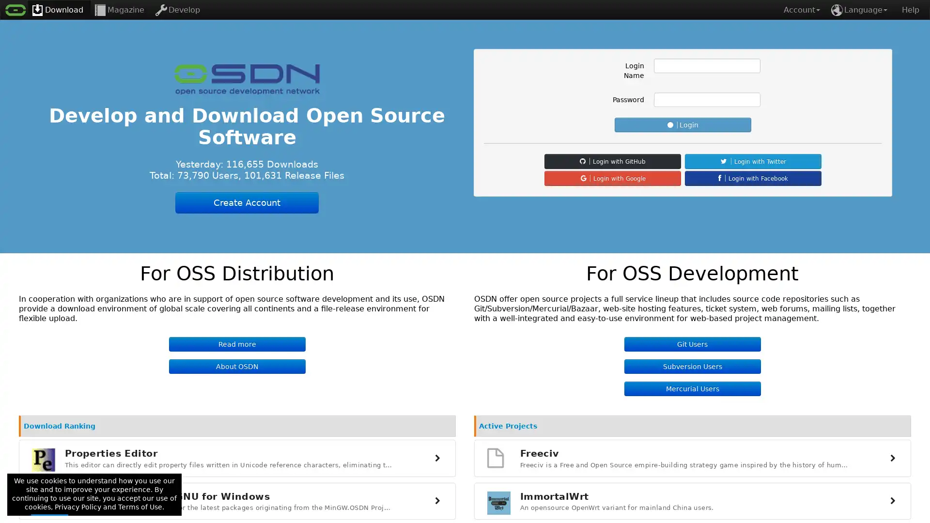  Describe the element at coordinates (682, 124) in the screenshot. I see `Login` at that location.